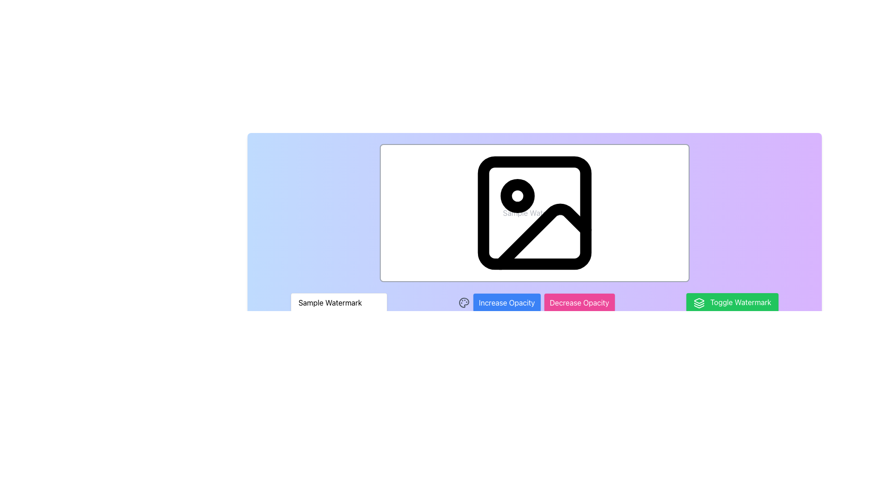 The width and height of the screenshot is (885, 497). What do you see at coordinates (464, 303) in the screenshot?
I see `the decorative icon located to the immediate left of the blue 'Increase Opacity' button in the lower part of the interface` at bounding box center [464, 303].